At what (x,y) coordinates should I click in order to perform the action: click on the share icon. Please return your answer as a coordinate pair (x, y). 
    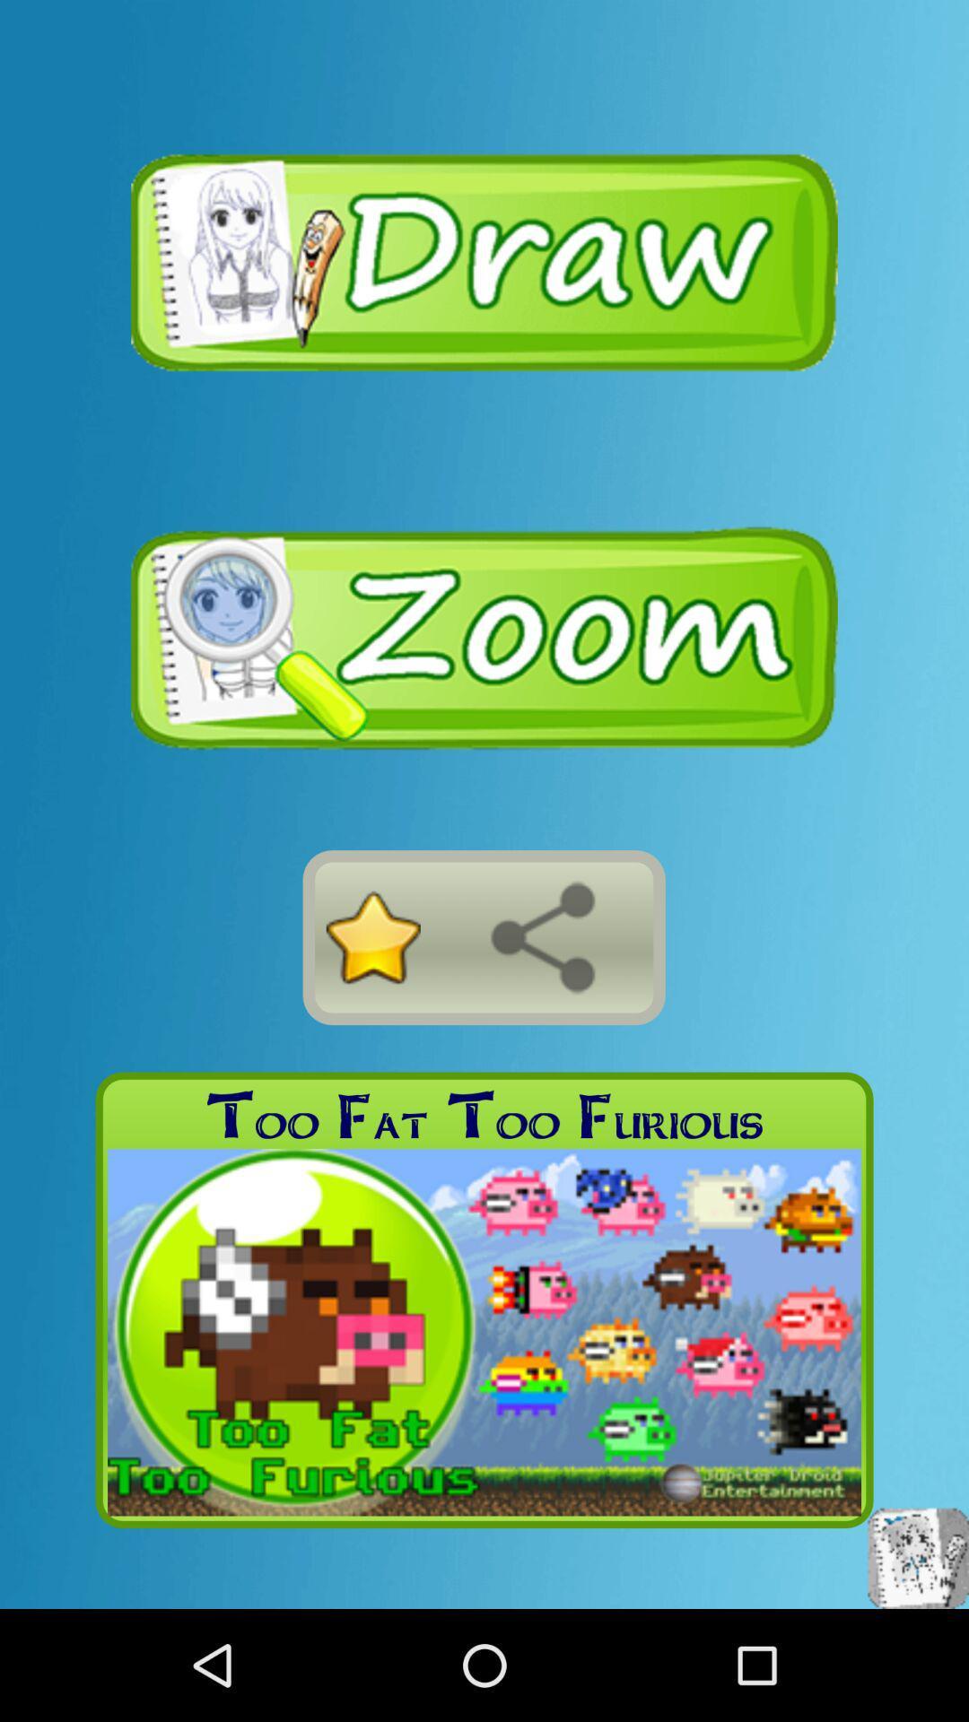
    Looking at the image, I should click on (542, 1002).